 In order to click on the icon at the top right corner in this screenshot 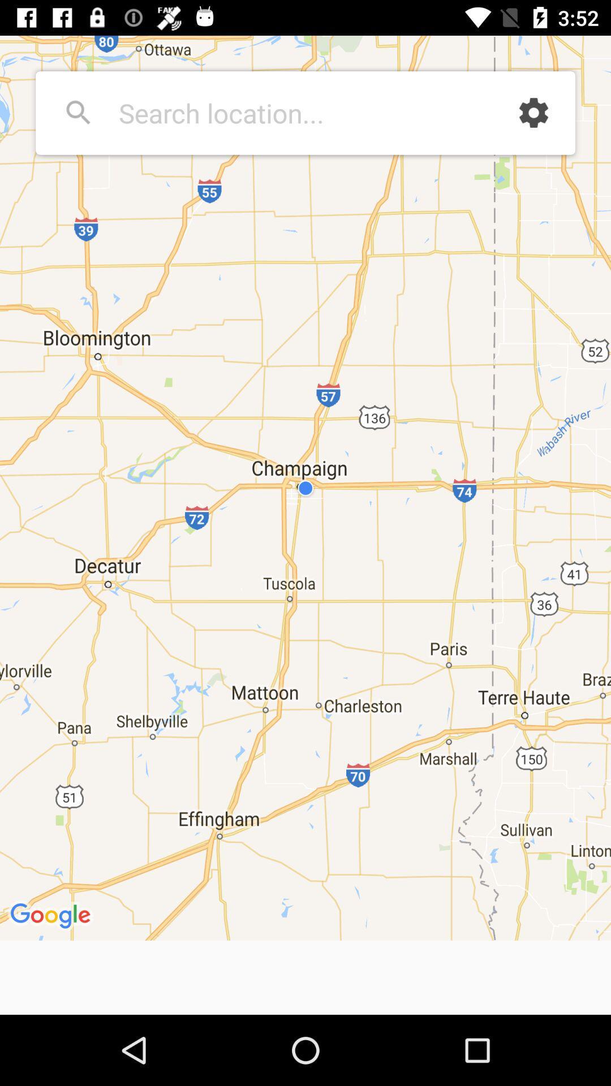, I will do `click(533, 113)`.